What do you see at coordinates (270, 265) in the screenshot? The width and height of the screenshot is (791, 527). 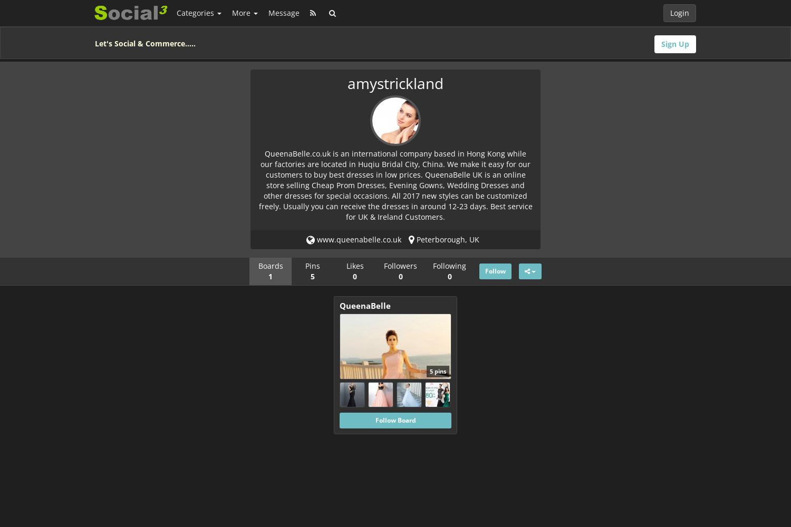 I see `'Boards'` at bounding box center [270, 265].